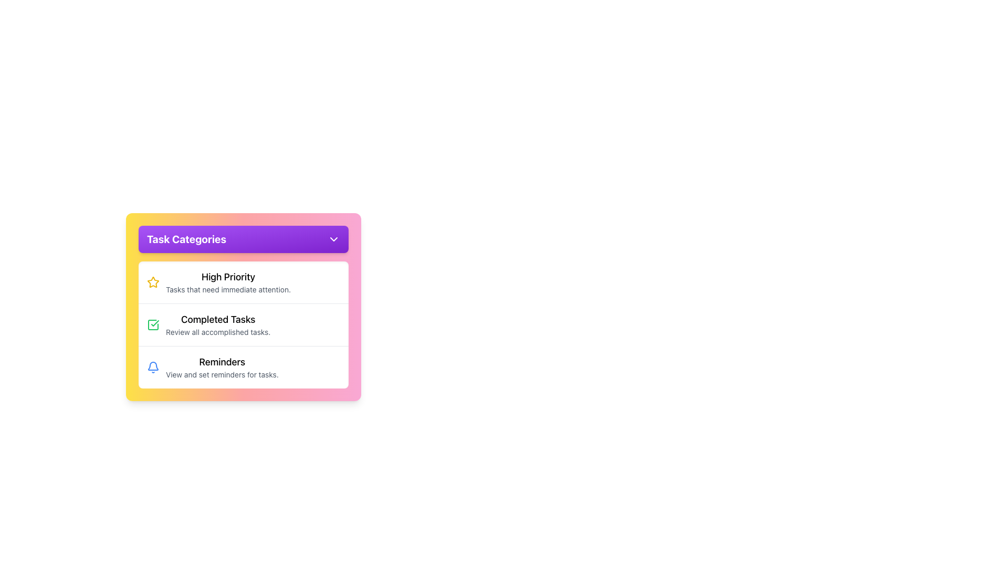  What do you see at coordinates (243, 323) in the screenshot?
I see `text of the second list item in a vertically stacked list that highlights completed tasks, positioned below 'High Priority' and above 'Reminders'` at bounding box center [243, 323].